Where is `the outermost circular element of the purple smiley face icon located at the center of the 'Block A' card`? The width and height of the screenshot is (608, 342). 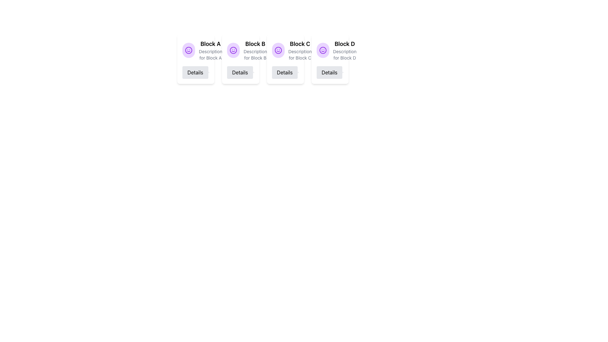 the outermost circular element of the purple smiley face icon located at the center of the 'Block A' card is located at coordinates (323, 50).